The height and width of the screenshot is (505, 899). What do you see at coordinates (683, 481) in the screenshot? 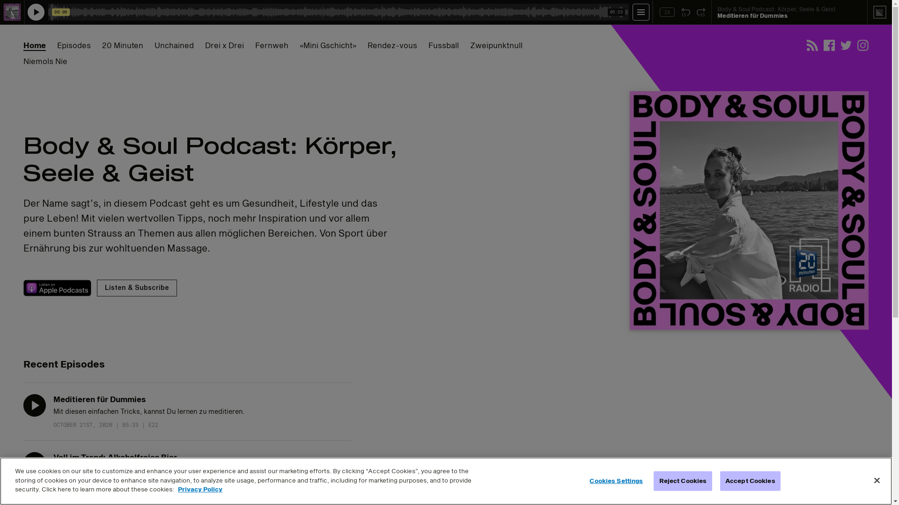
I see `'Reject Cookies'` at bounding box center [683, 481].